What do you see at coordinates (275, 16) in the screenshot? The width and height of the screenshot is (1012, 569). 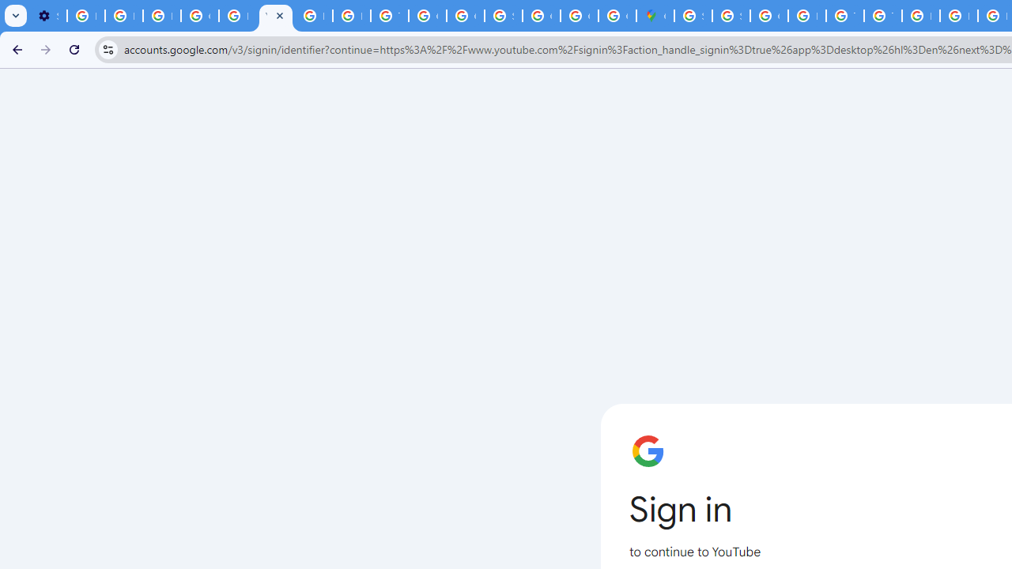 I see `'YouTube'` at bounding box center [275, 16].